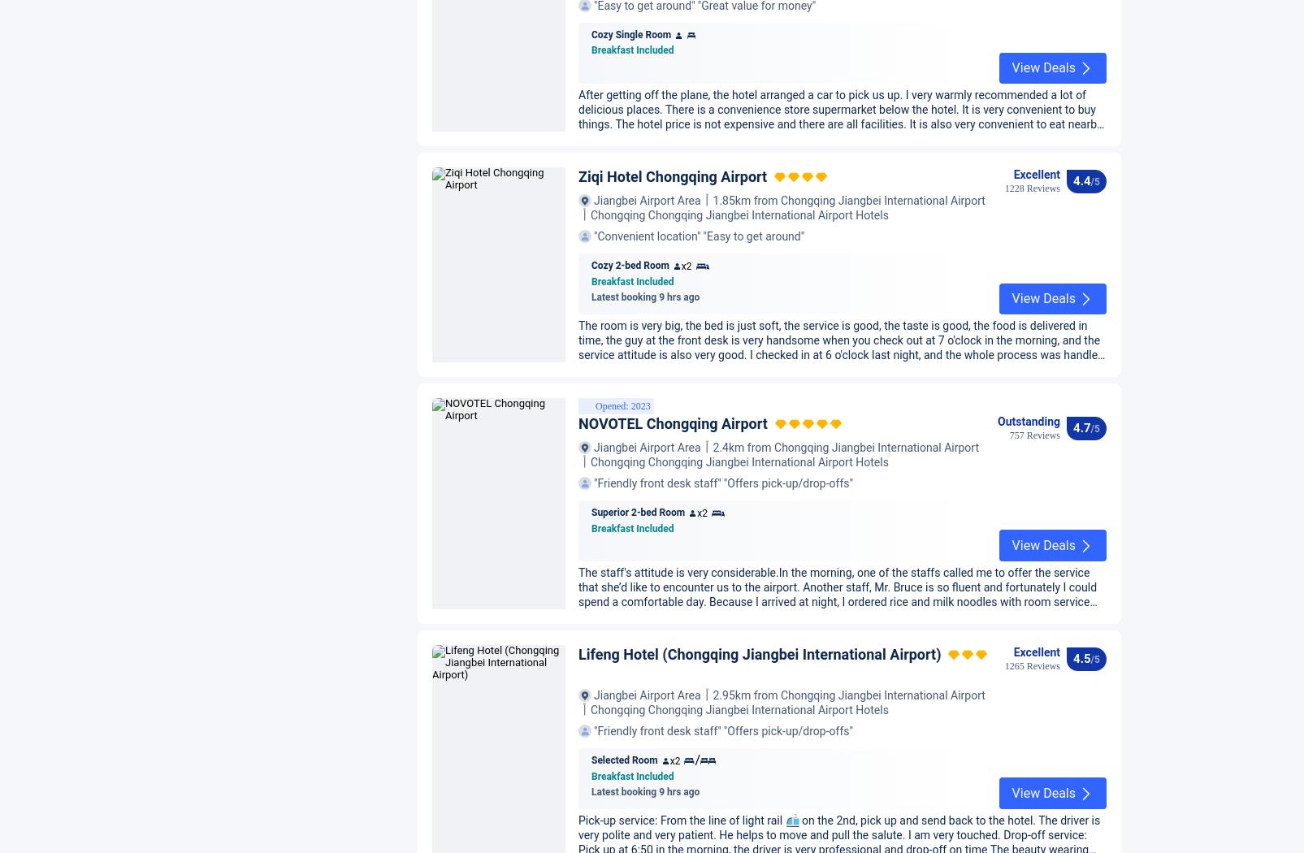  I want to click on 'Latest booking 9 hrs ago', so click(644, 239).